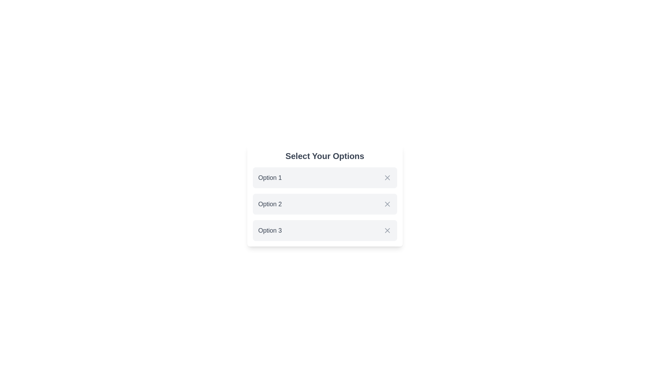 The image size is (666, 375). I want to click on the first text label within the horizontally aligned selection box, which represents the second option in the vertical list, so click(270, 203).